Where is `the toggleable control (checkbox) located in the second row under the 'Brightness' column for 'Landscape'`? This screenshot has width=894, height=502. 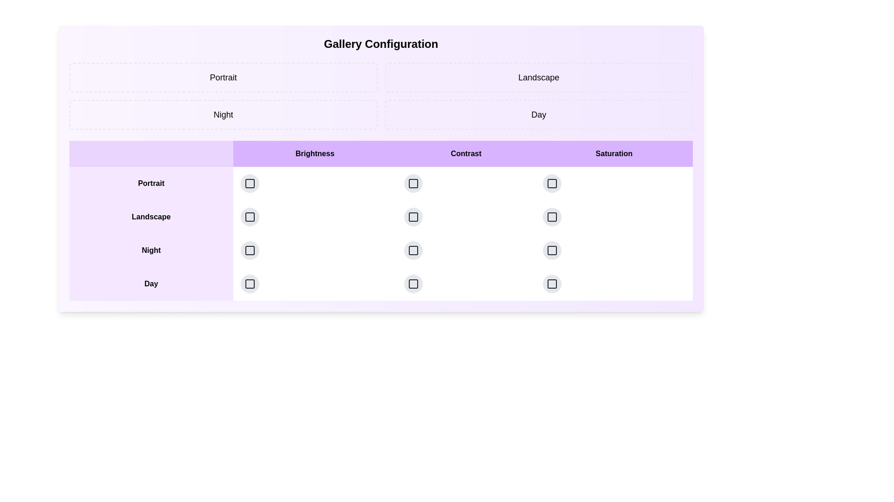
the toggleable control (checkbox) located in the second row under the 'Brightness' column for 'Landscape' is located at coordinates (250, 217).